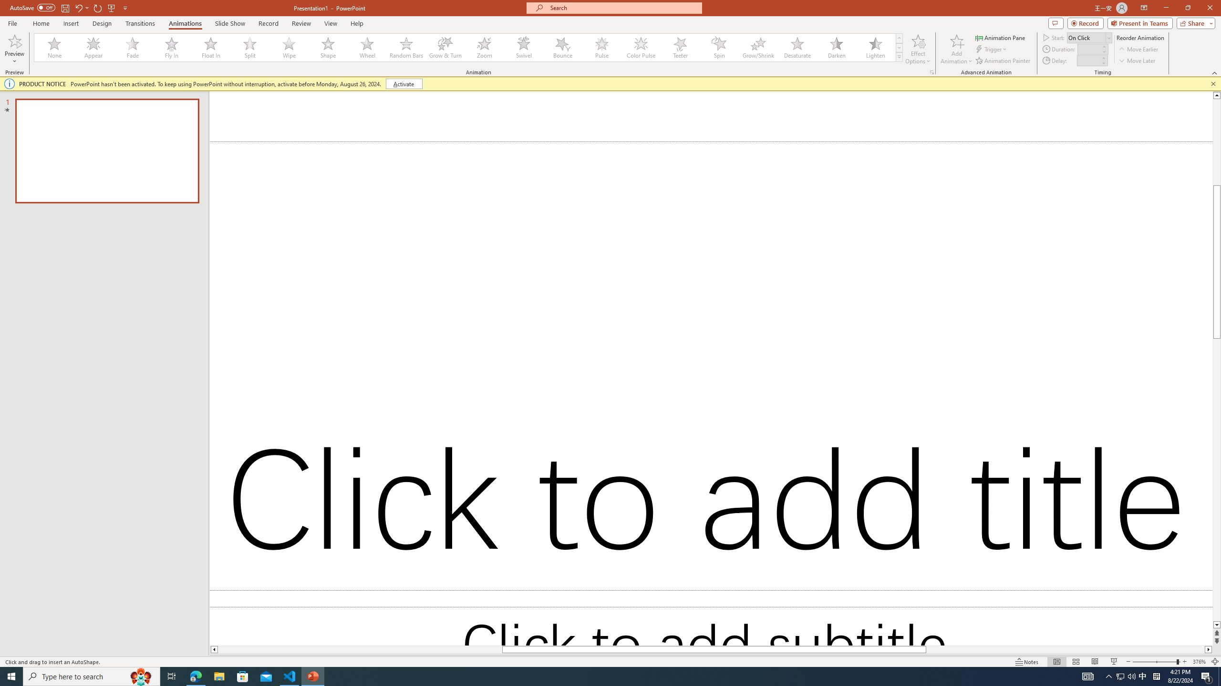 The image size is (1221, 686). I want to click on 'Lighten', so click(875, 47).